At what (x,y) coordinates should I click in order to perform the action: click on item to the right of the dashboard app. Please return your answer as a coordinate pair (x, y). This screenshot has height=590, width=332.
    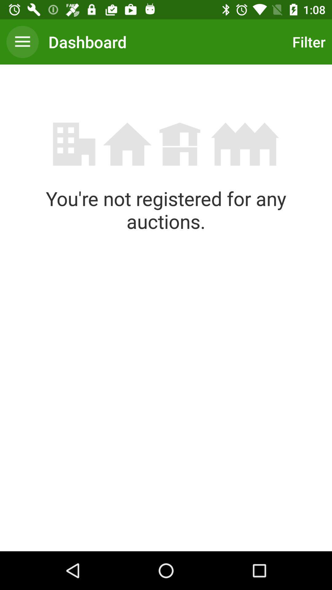
    Looking at the image, I should click on (307, 41).